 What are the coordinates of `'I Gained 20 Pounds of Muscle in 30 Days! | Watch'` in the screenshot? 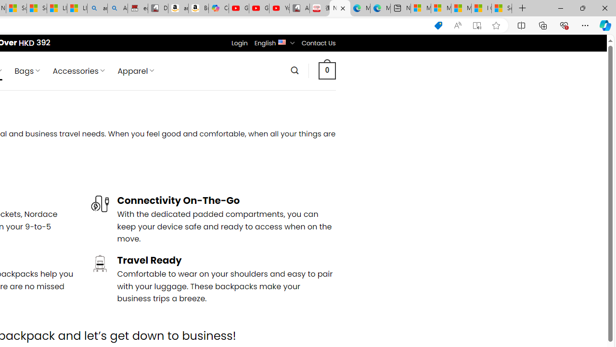 It's located at (481, 8).